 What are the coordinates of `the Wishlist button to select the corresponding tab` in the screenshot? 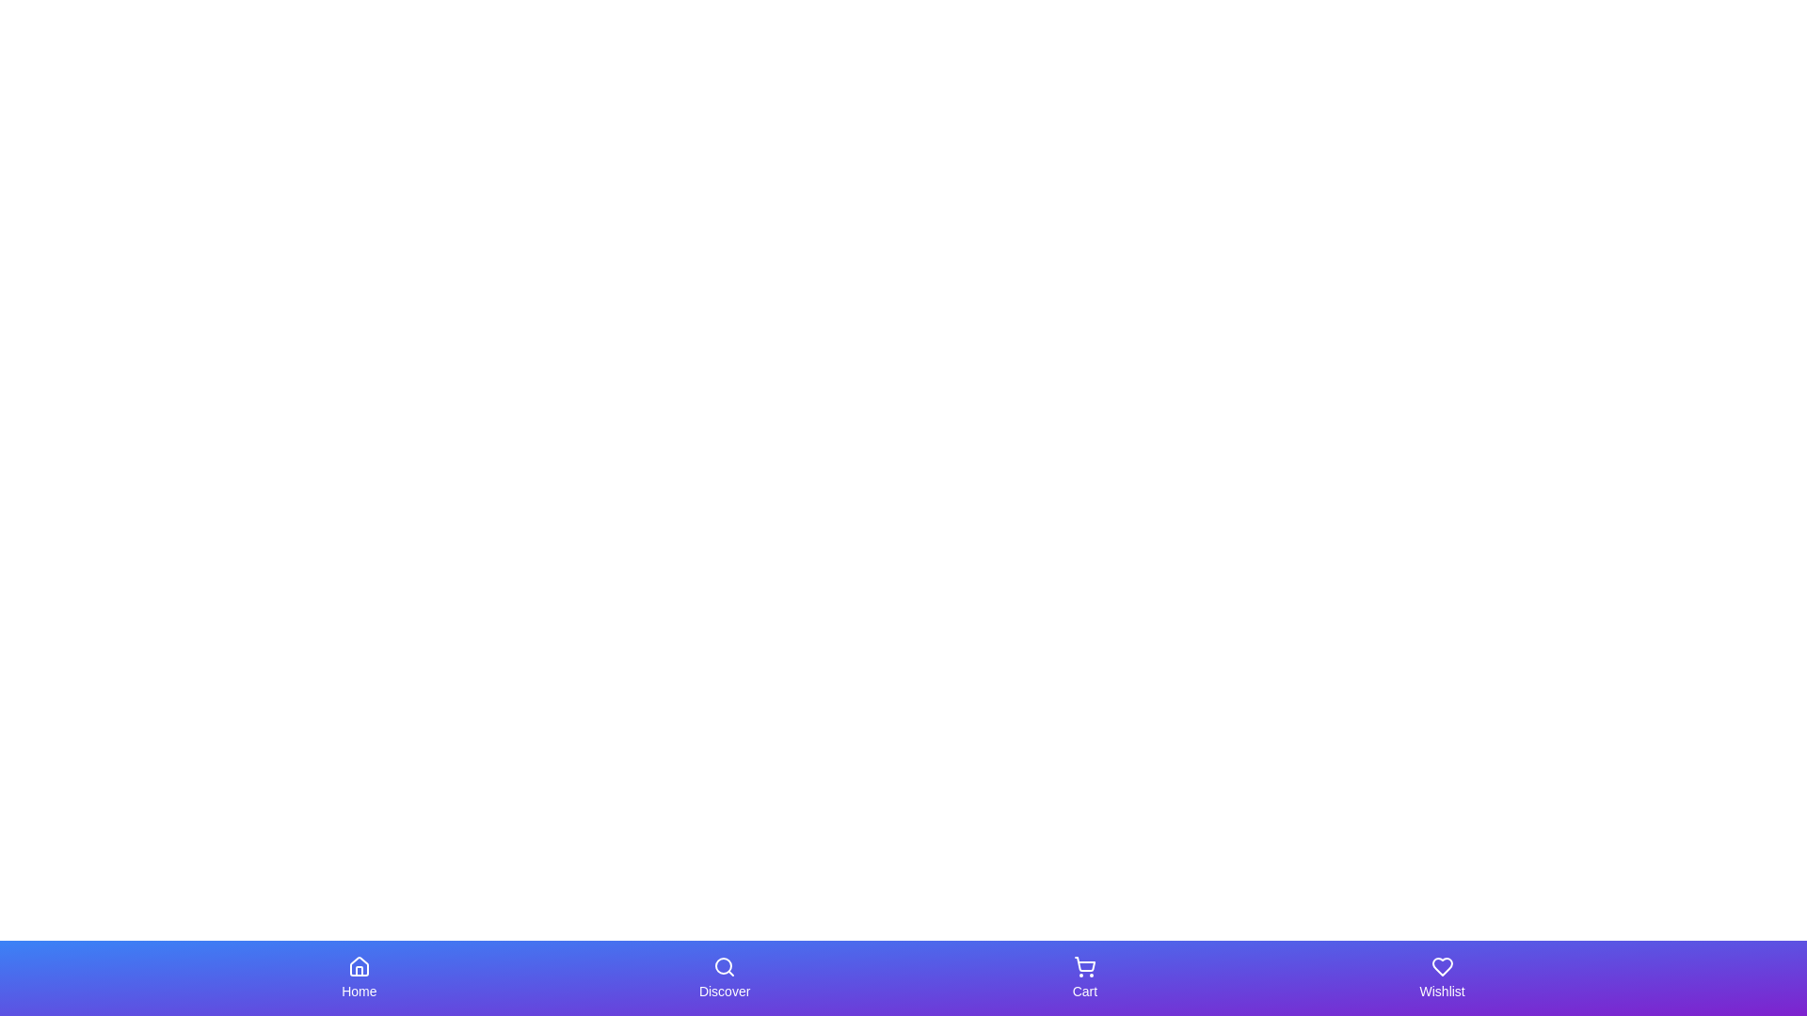 It's located at (1441, 977).